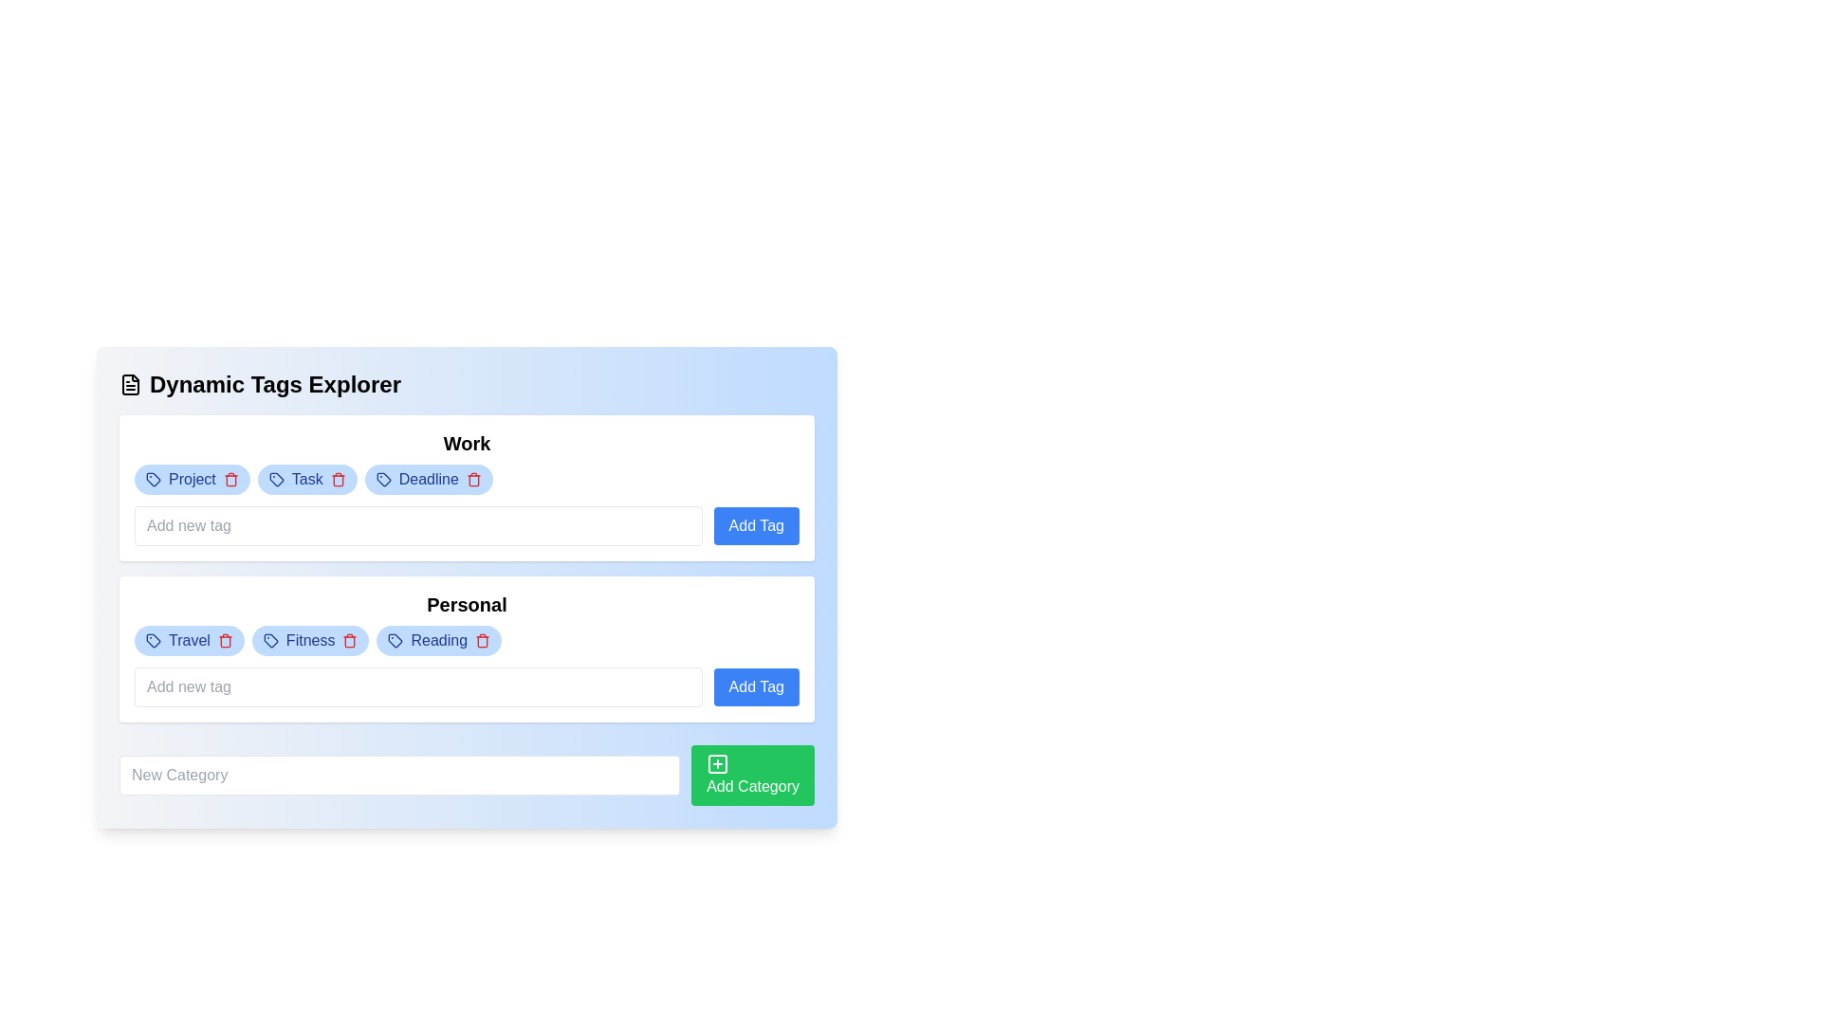 The height and width of the screenshot is (1024, 1821). What do you see at coordinates (338, 478) in the screenshot?
I see `the red trash can icon button located to the immediate right of the 'Task' label in the 'Work' section` at bounding box center [338, 478].